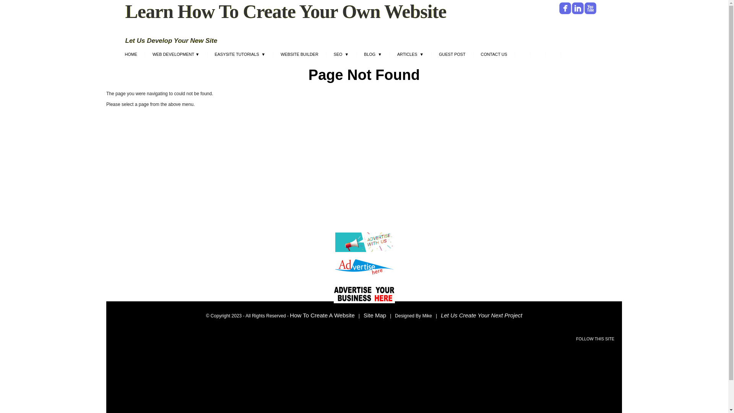 Image resolution: width=734 pixels, height=413 pixels. I want to click on 'HOME', so click(117, 55).